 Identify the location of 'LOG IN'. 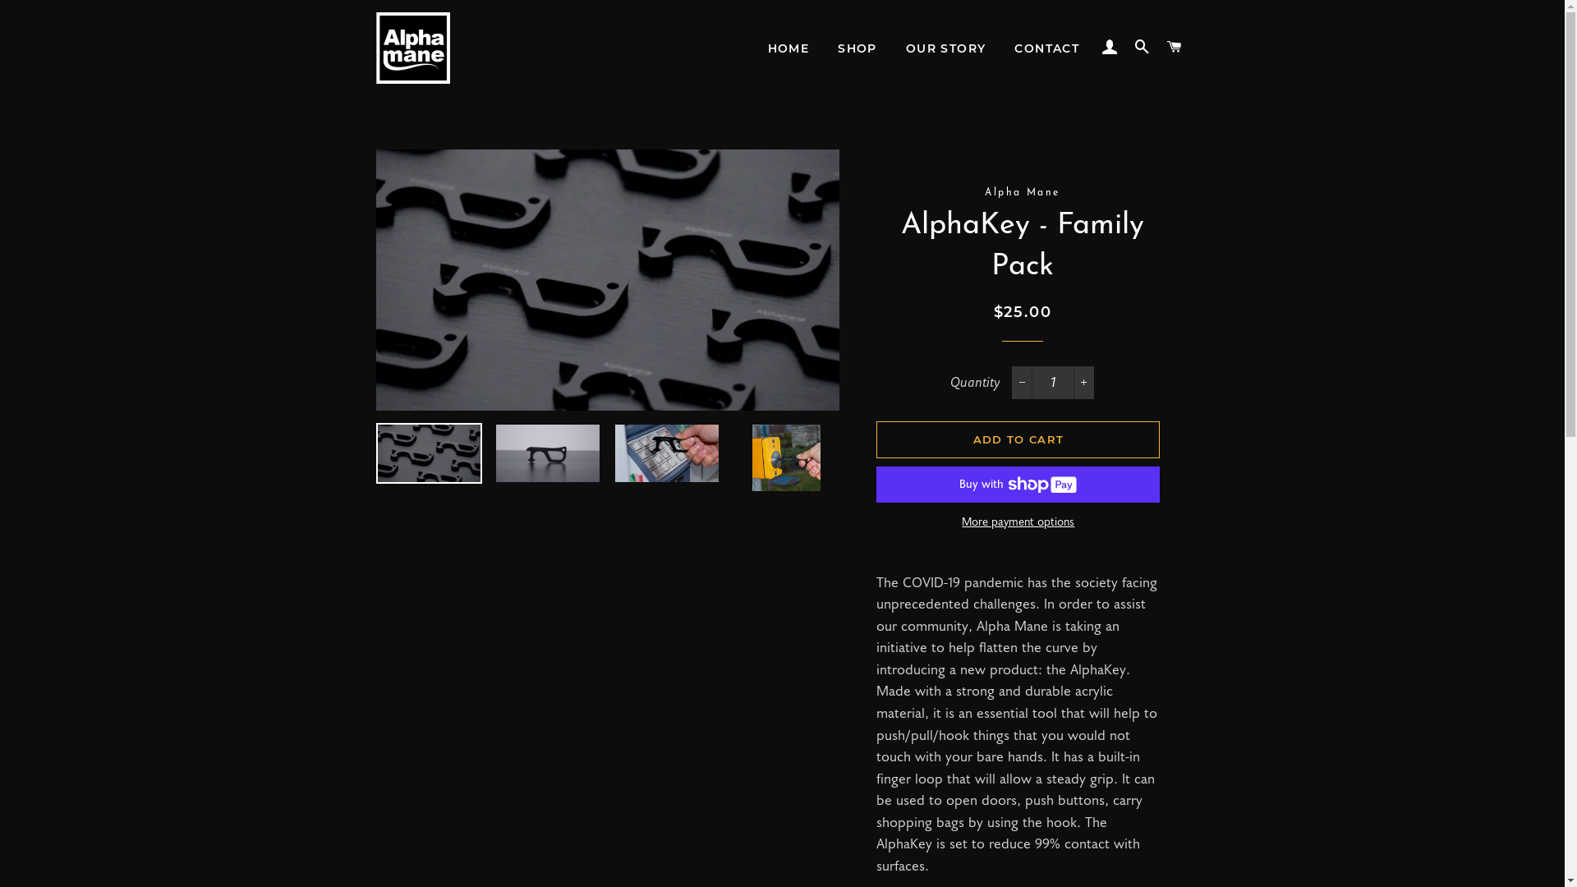
(1096, 46).